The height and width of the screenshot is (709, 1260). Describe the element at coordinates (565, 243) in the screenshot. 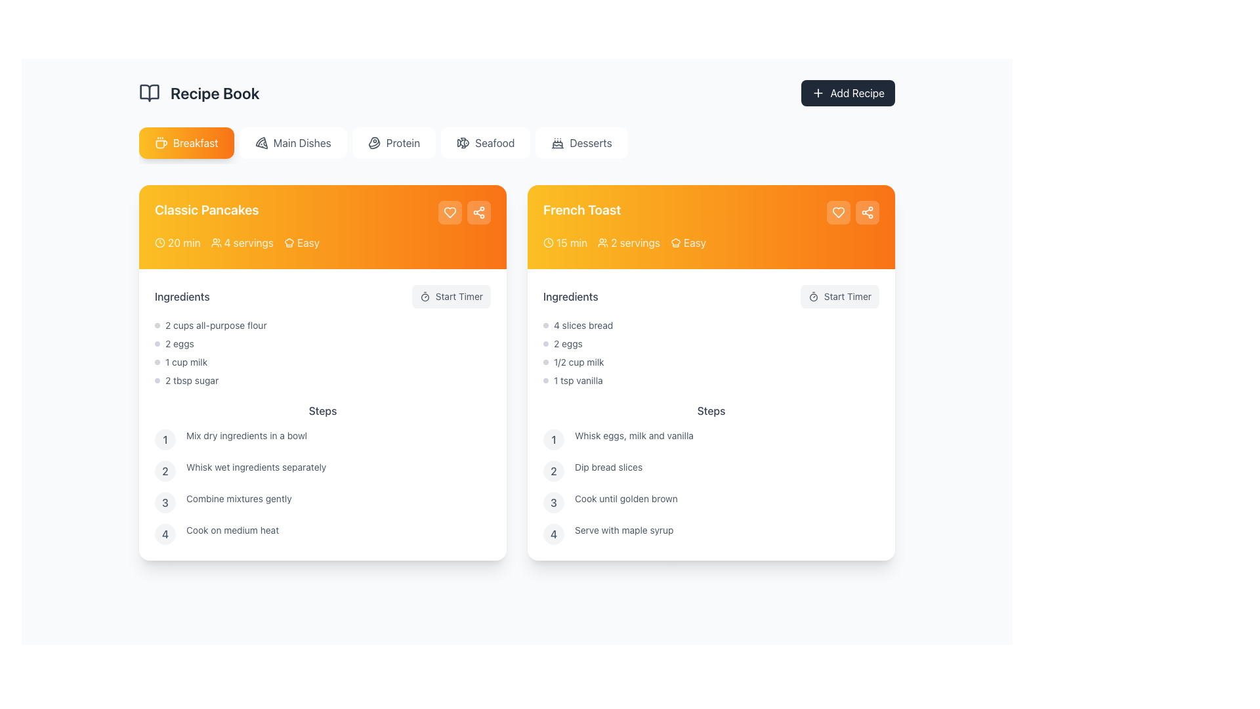

I see `the Decorative informational label displaying '15 min' duration with a clock icon, located in the top-left area of the 'French Toast' recipe card` at that location.